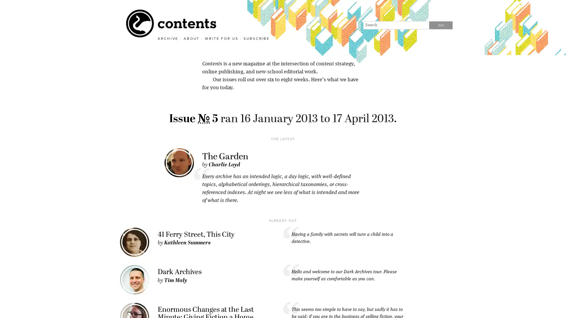 The height and width of the screenshot is (318, 566). What do you see at coordinates (441, 25) in the screenshot?
I see `Go` at bounding box center [441, 25].